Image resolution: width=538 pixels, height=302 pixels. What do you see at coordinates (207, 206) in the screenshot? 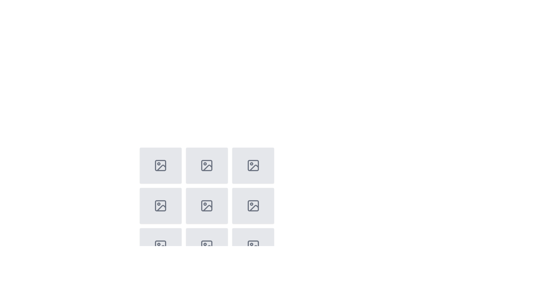
I see `the center Vector Icon that represents an image placeholder in the second row of the grid layout` at bounding box center [207, 206].